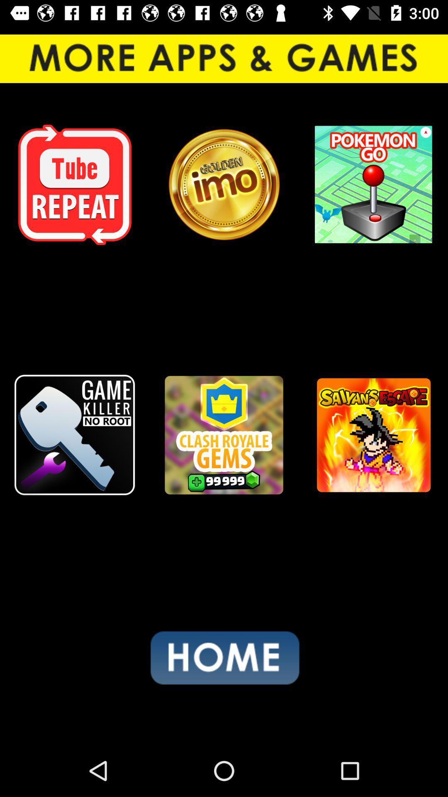 The width and height of the screenshot is (448, 797). What do you see at coordinates (373, 435) in the screenshot?
I see `game` at bounding box center [373, 435].